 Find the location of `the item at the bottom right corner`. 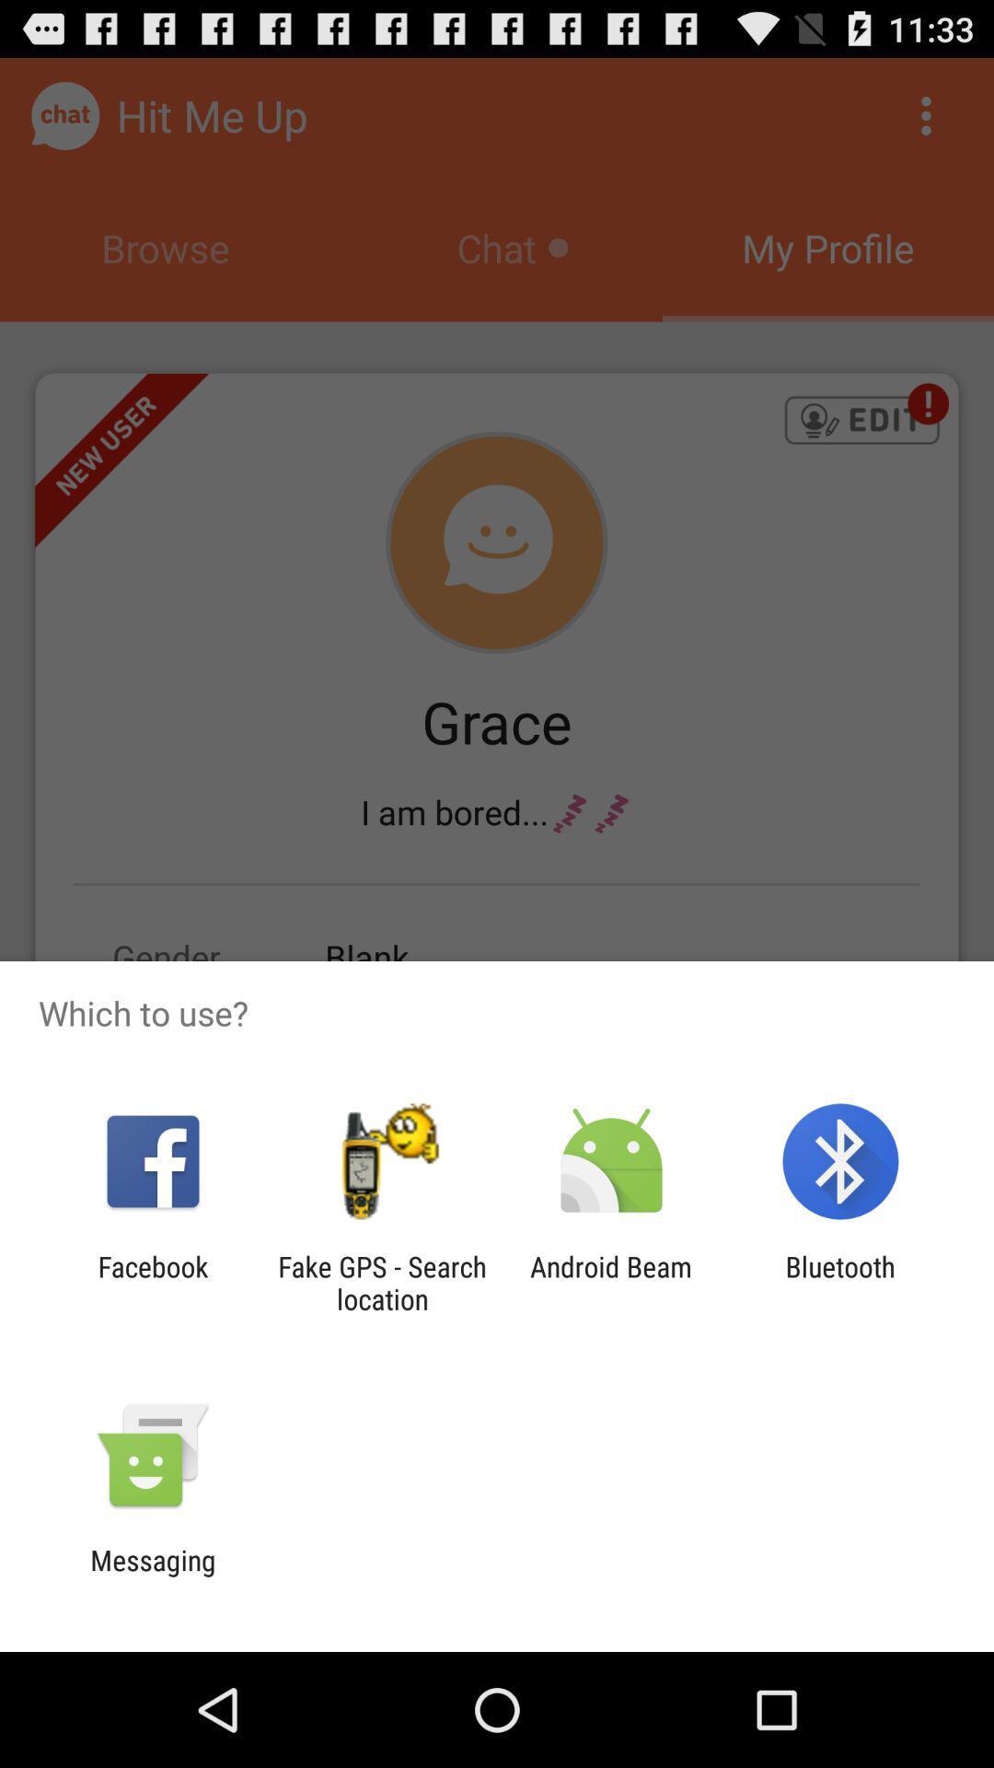

the item at the bottom right corner is located at coordinates (840, 1282).